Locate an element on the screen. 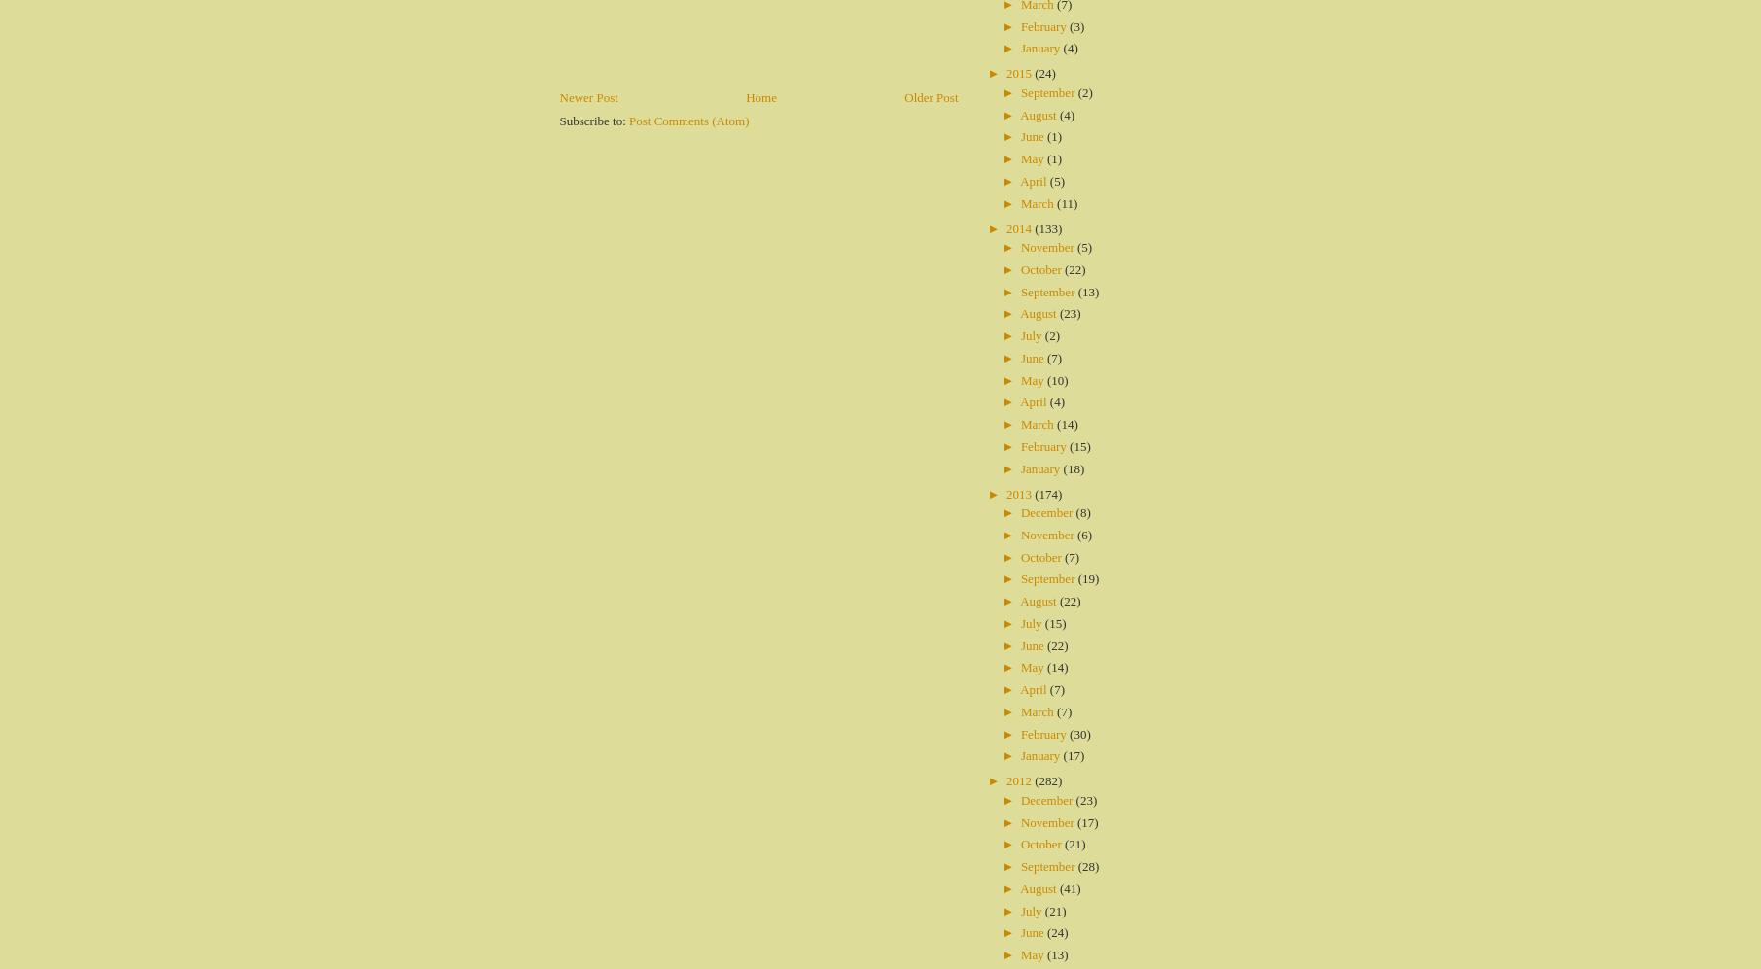 This screenshot has width=1761, height=969. '(3)' is located at coordinates (1076, 25).